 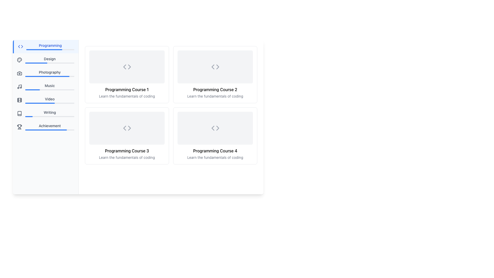 I want to click on the placeholder visual indicator, a light-gray rectangular box with rounded edges and a coding symbol icon '<>' centered within it, located in the grid layout above 'Programming Course 3', so click(x=127, y=128).